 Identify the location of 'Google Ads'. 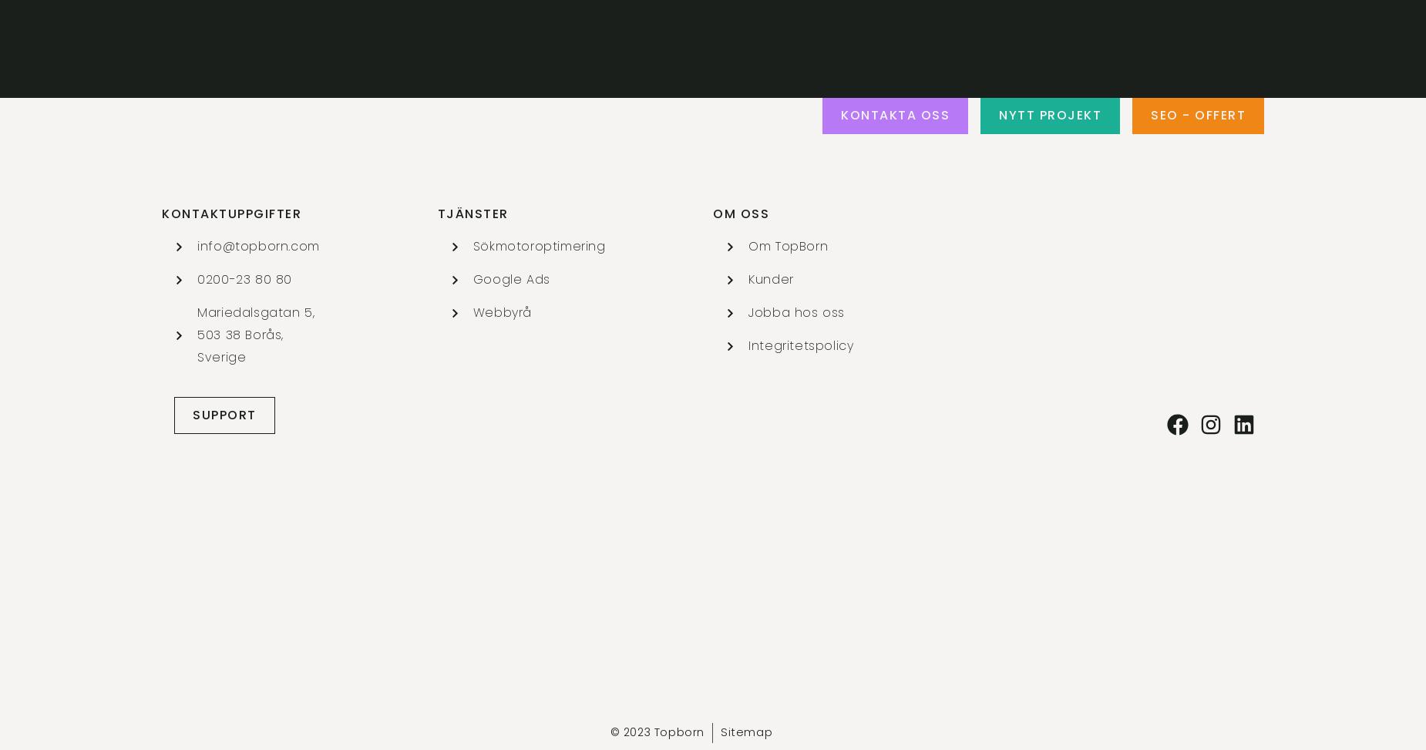
(511, 278).